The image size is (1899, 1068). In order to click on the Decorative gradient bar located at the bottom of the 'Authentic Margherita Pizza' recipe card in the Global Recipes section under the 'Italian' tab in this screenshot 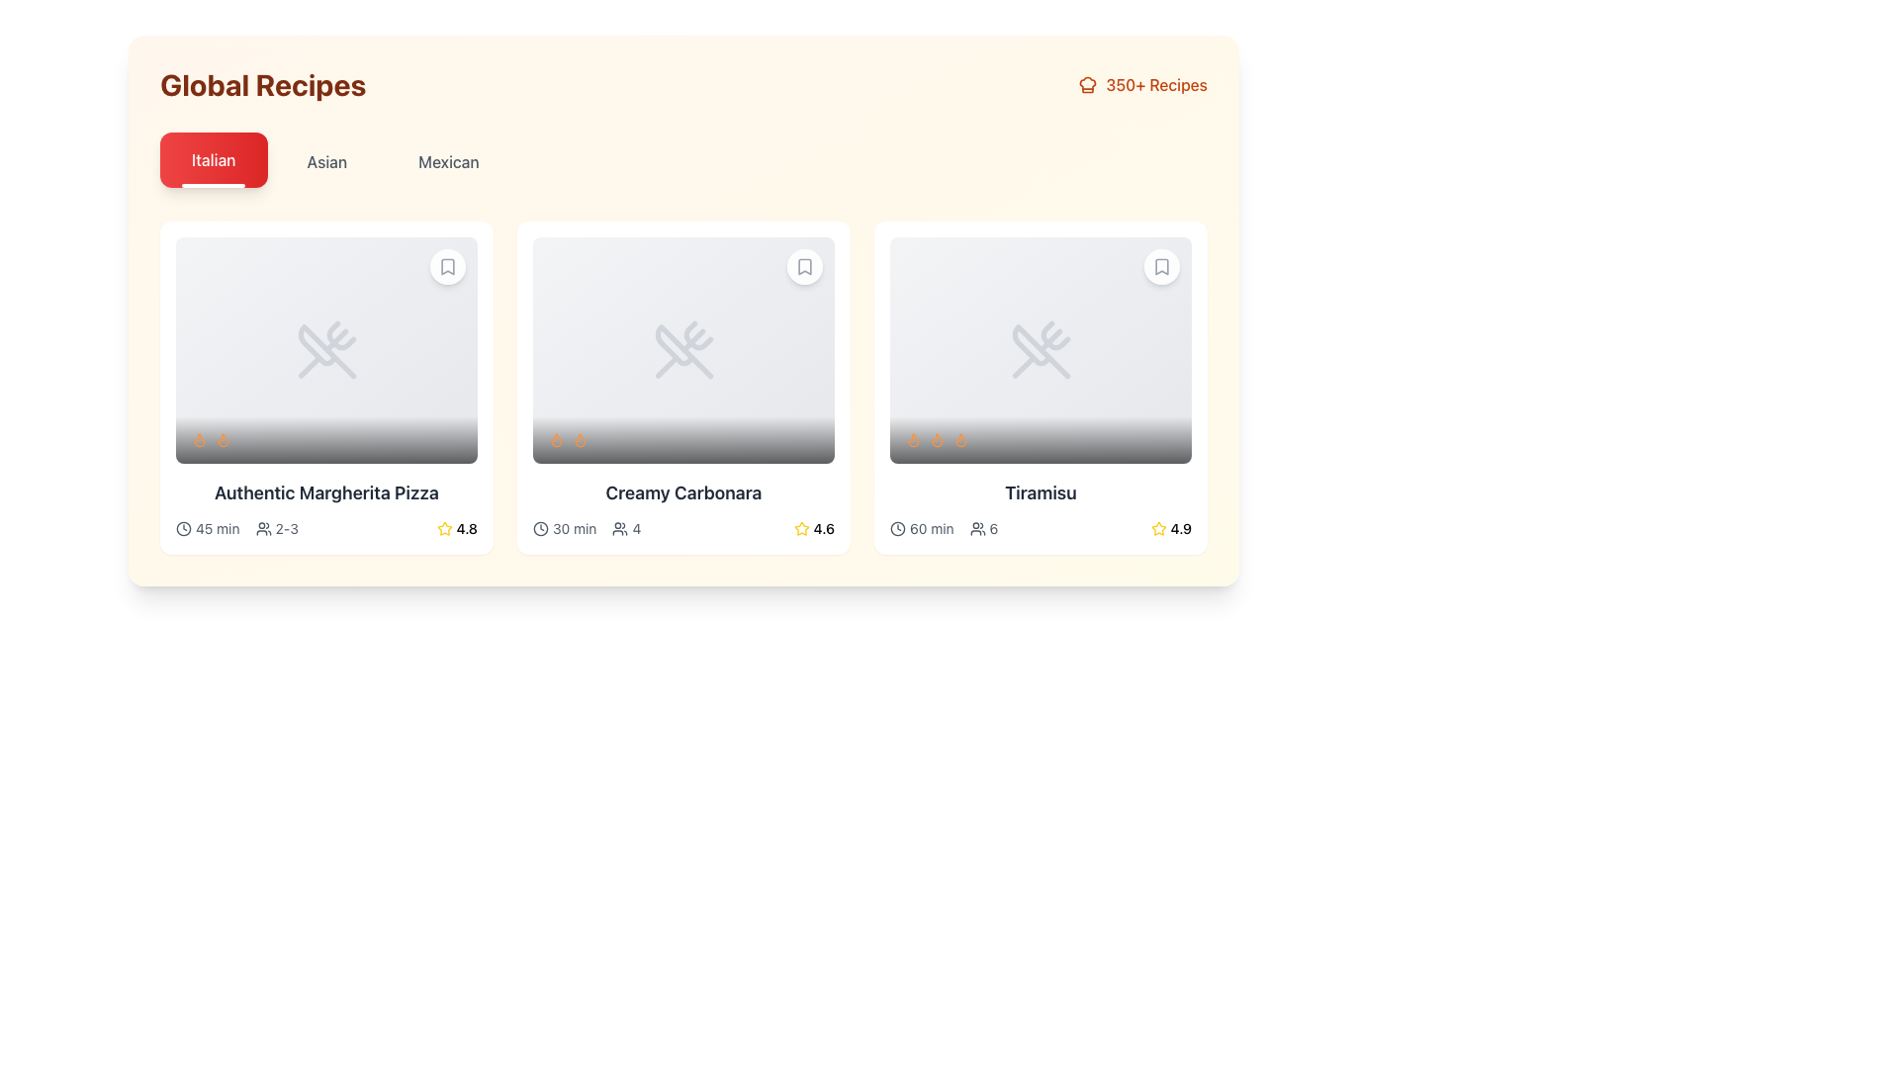, I will do `click(326, 438)`.